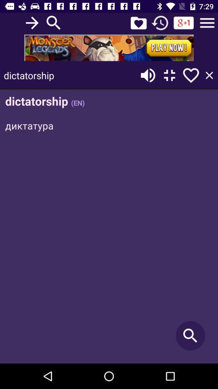 This screenshot has height=389, width=218. What do you see at coordinates (209, 75) in the screenshot?
I see `button` at bounding box center [209, 75].